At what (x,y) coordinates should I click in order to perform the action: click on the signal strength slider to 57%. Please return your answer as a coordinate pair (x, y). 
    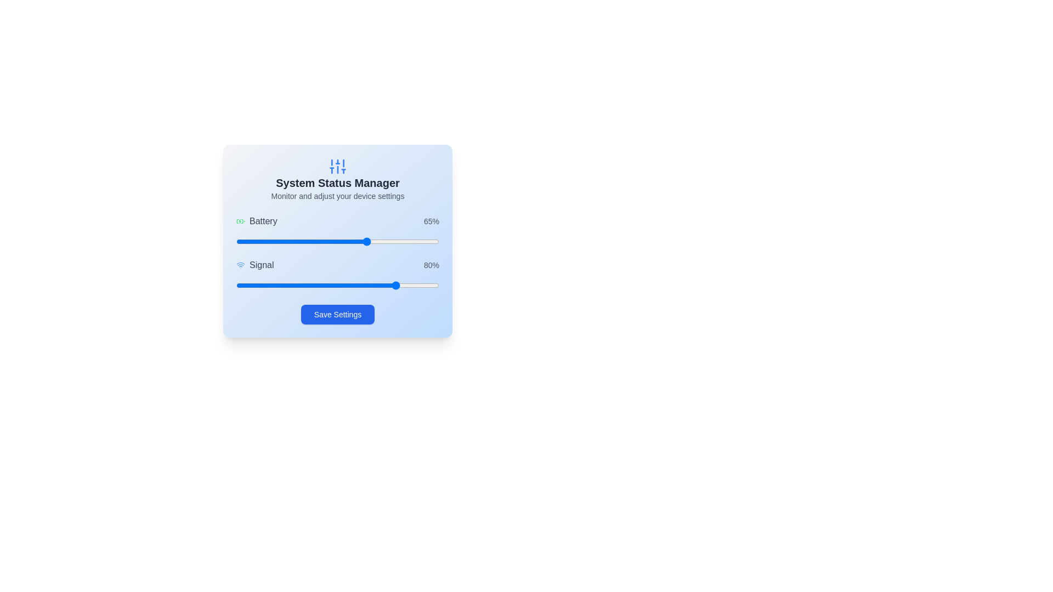
    Looking at the image, I should click on (352, 284).